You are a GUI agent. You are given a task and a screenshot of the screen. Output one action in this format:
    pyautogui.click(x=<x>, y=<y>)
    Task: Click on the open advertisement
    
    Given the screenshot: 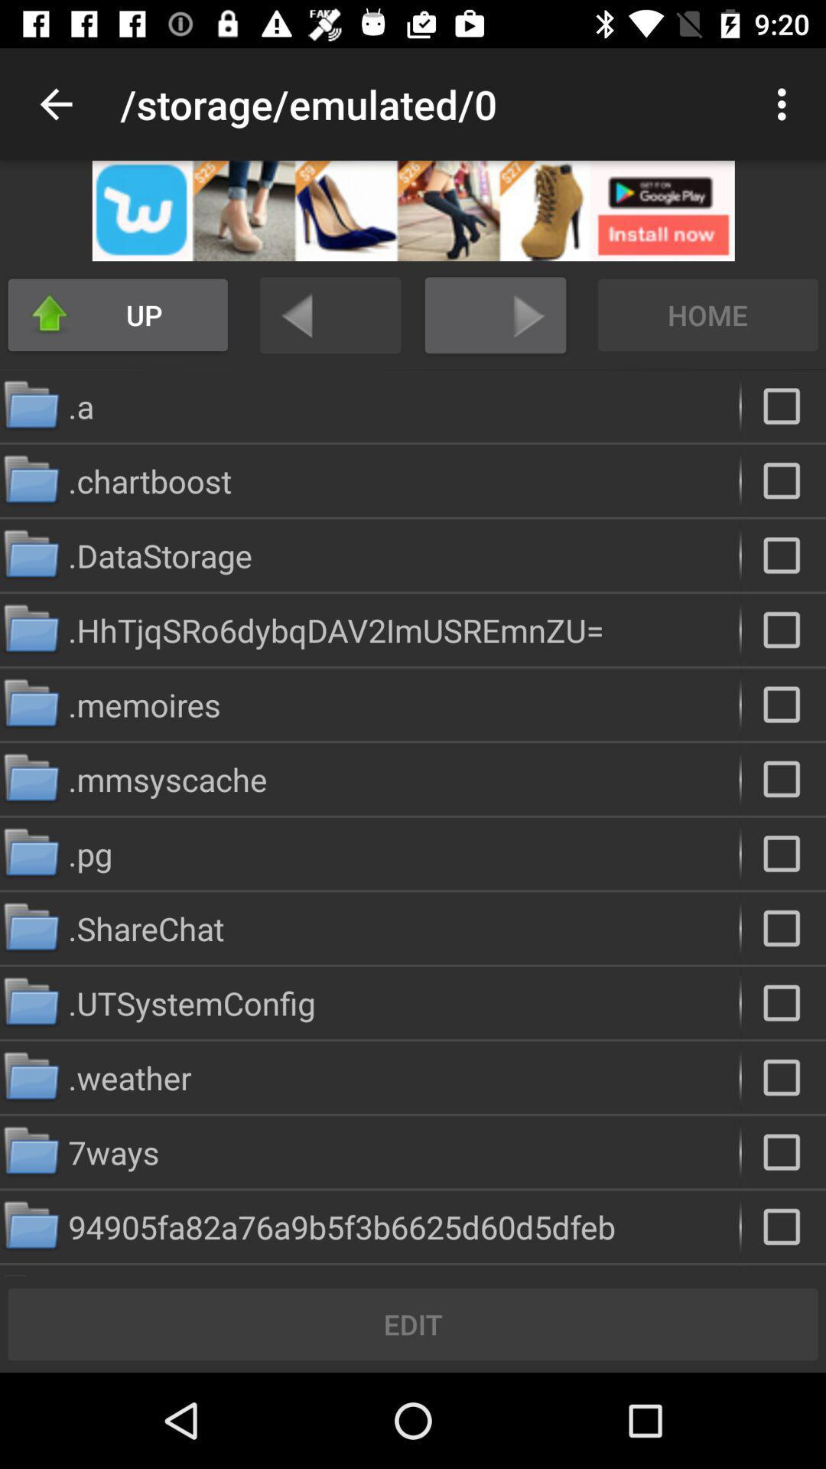 What is the action you would take?
    pyautogui.click(x=413, y=210)
    